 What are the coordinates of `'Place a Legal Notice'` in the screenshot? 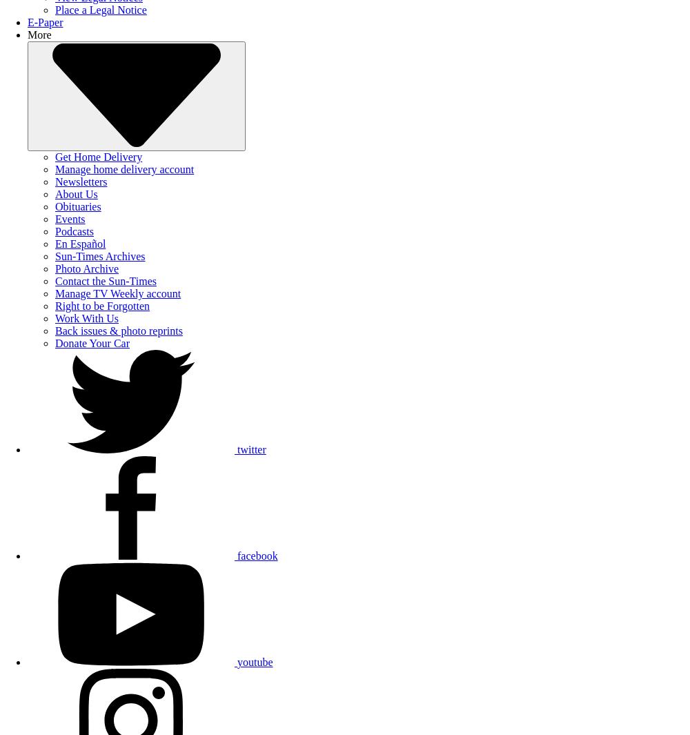 It's located at (101, 9).